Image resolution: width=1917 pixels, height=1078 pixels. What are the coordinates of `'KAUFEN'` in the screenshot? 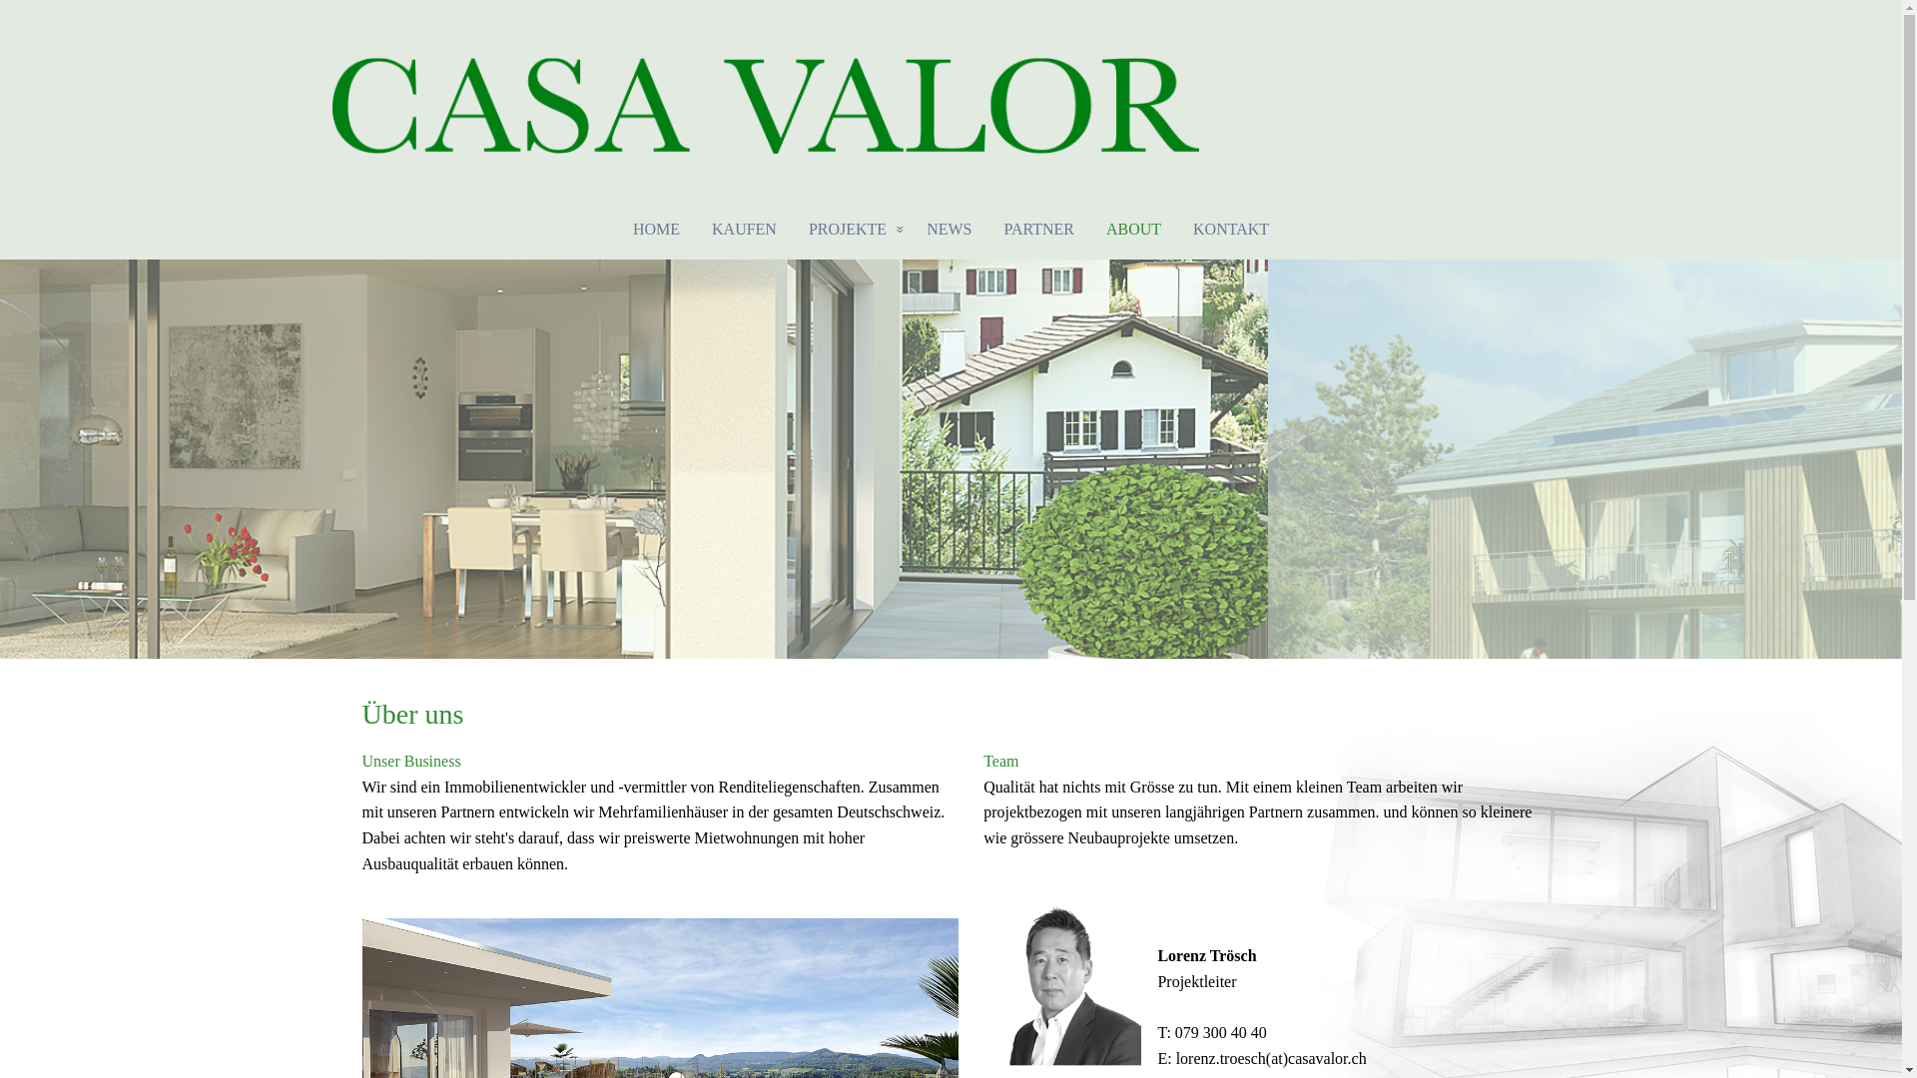 It's located at (743, 229).